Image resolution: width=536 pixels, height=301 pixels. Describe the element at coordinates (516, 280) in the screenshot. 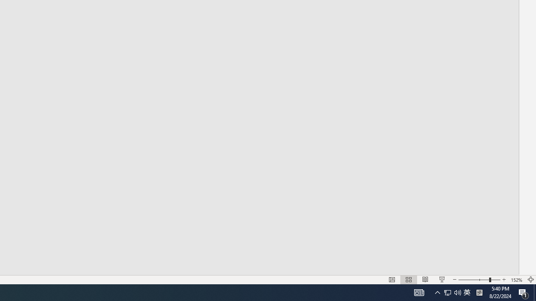

I see `'Zoom 152%'` at that location.